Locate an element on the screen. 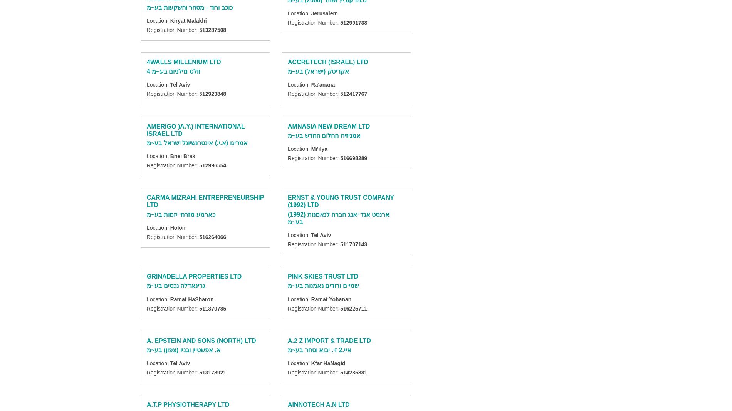  'כוכב ורוד - מסחר והשקעות בע~מ' is located at coordinates (146, 7).